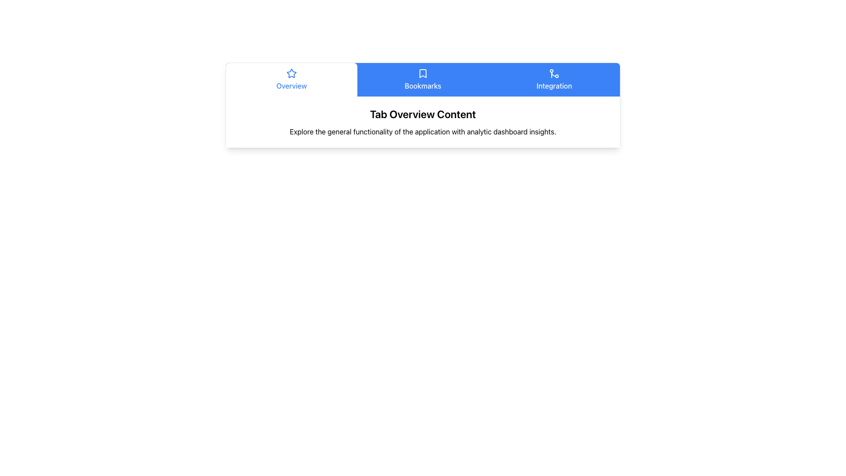 The image size is (846, 476). Describe the element at coordinates (423, 80) in the screenshot. I see `the 'Bookmarks' button, which features a bookmark icon above the text` at that location.